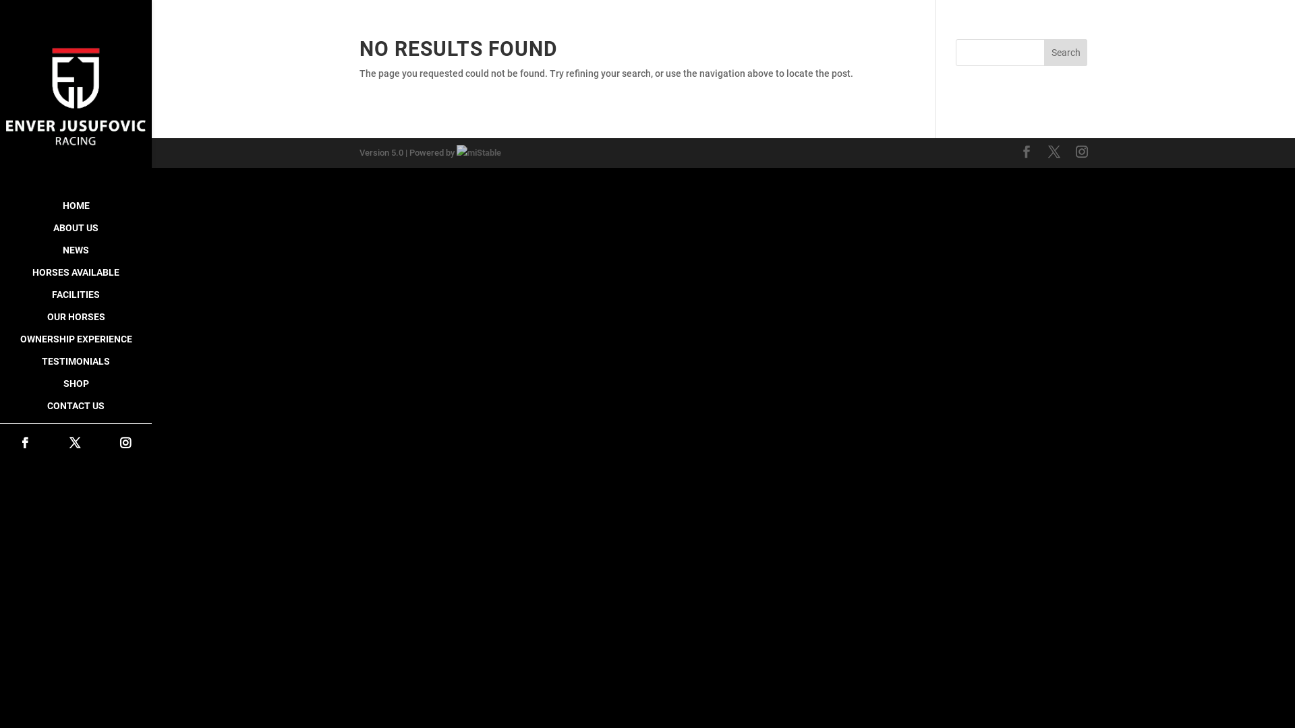 The width and height of the screenshot is (1295, 728). I want to click on 'INSTAGRAM', so click(125, 444).